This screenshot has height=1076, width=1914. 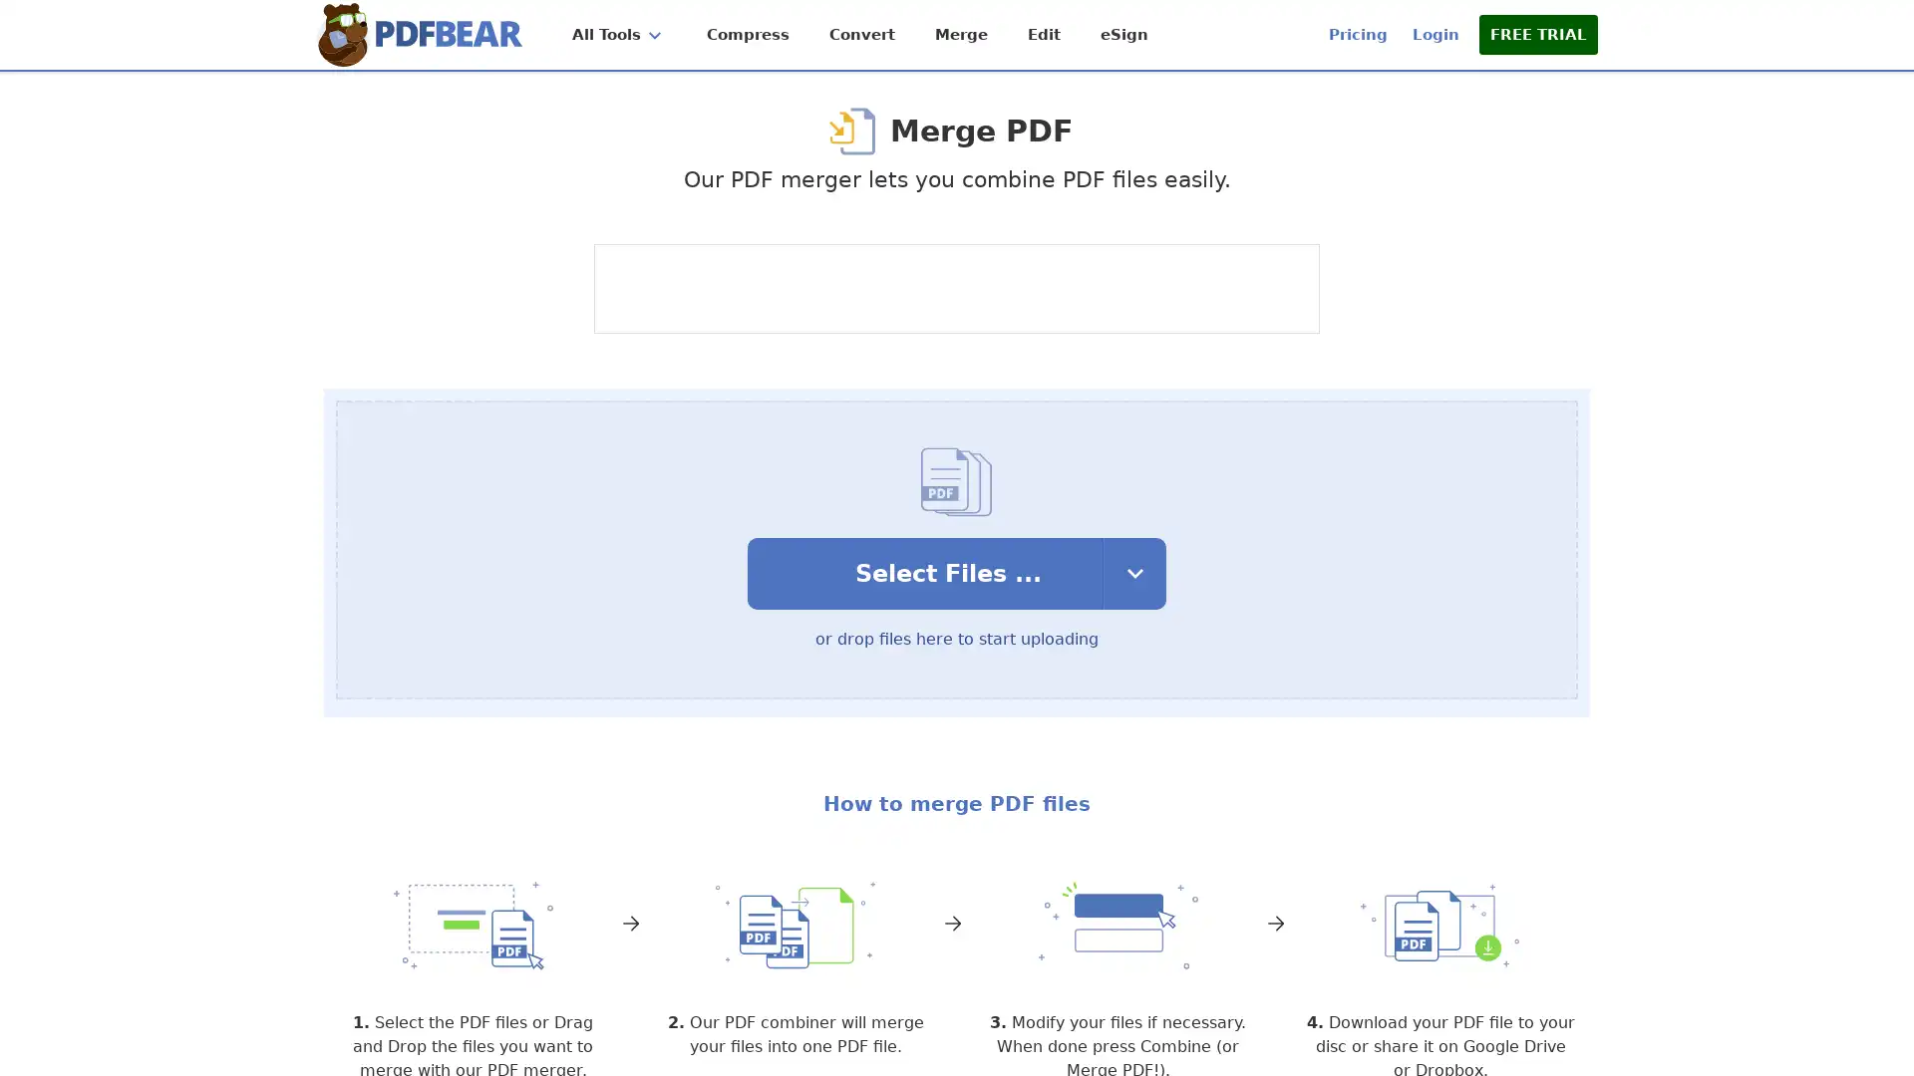 I want to click on select upload Options dropdown, so click(x=1134, y=572).